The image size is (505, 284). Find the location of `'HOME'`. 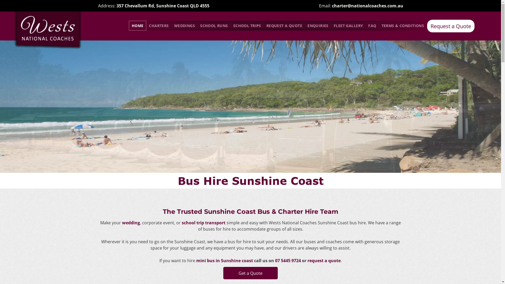

'HOME' is located at coordinates (138, 26).